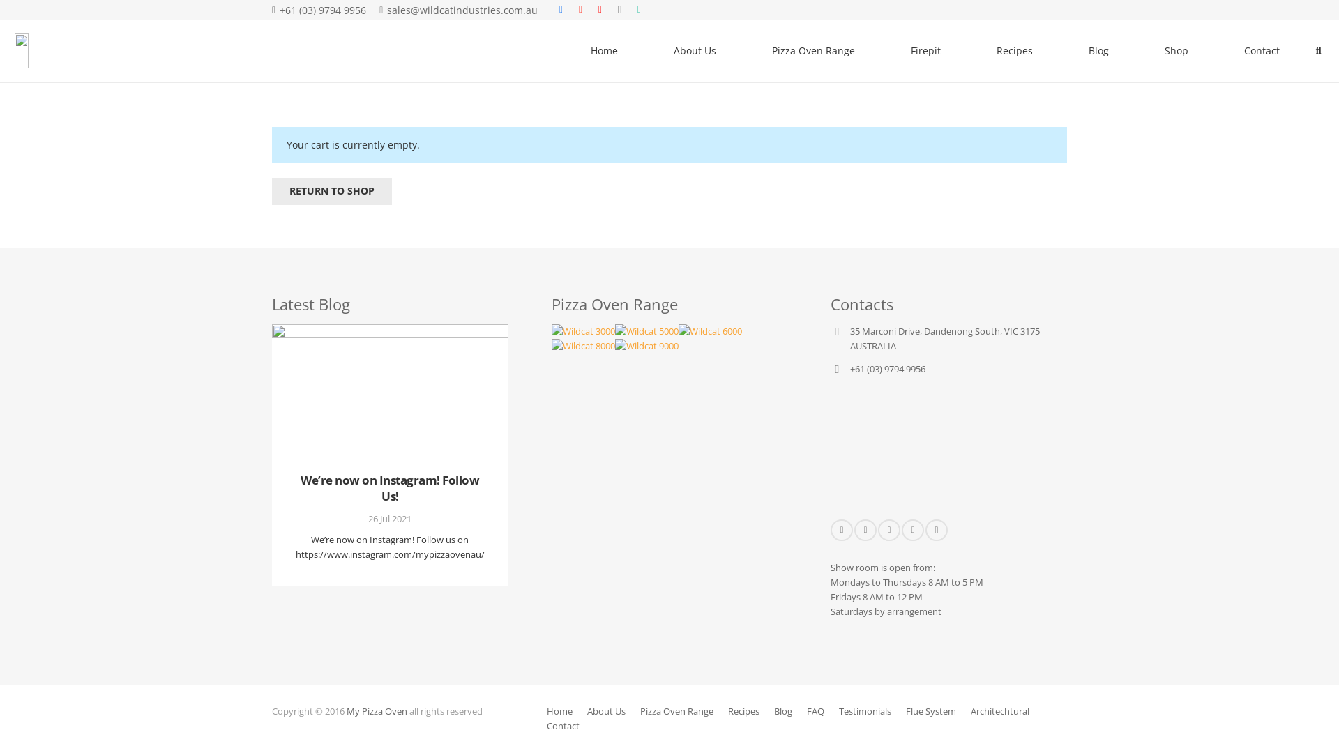  Describe the element at coordinates (563, 725) in the screenshot. I see `'Contact'` at that location.